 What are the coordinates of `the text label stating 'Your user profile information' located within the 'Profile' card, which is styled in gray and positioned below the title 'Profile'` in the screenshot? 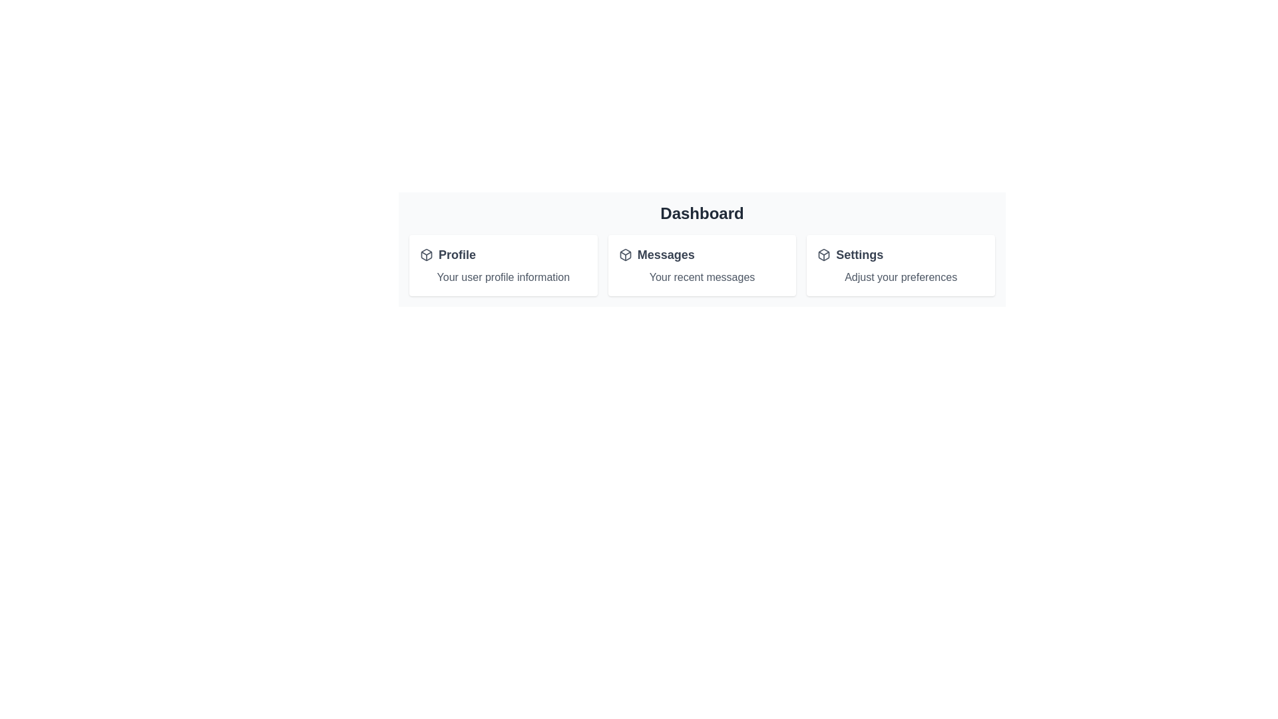 It's located at (503, 276).